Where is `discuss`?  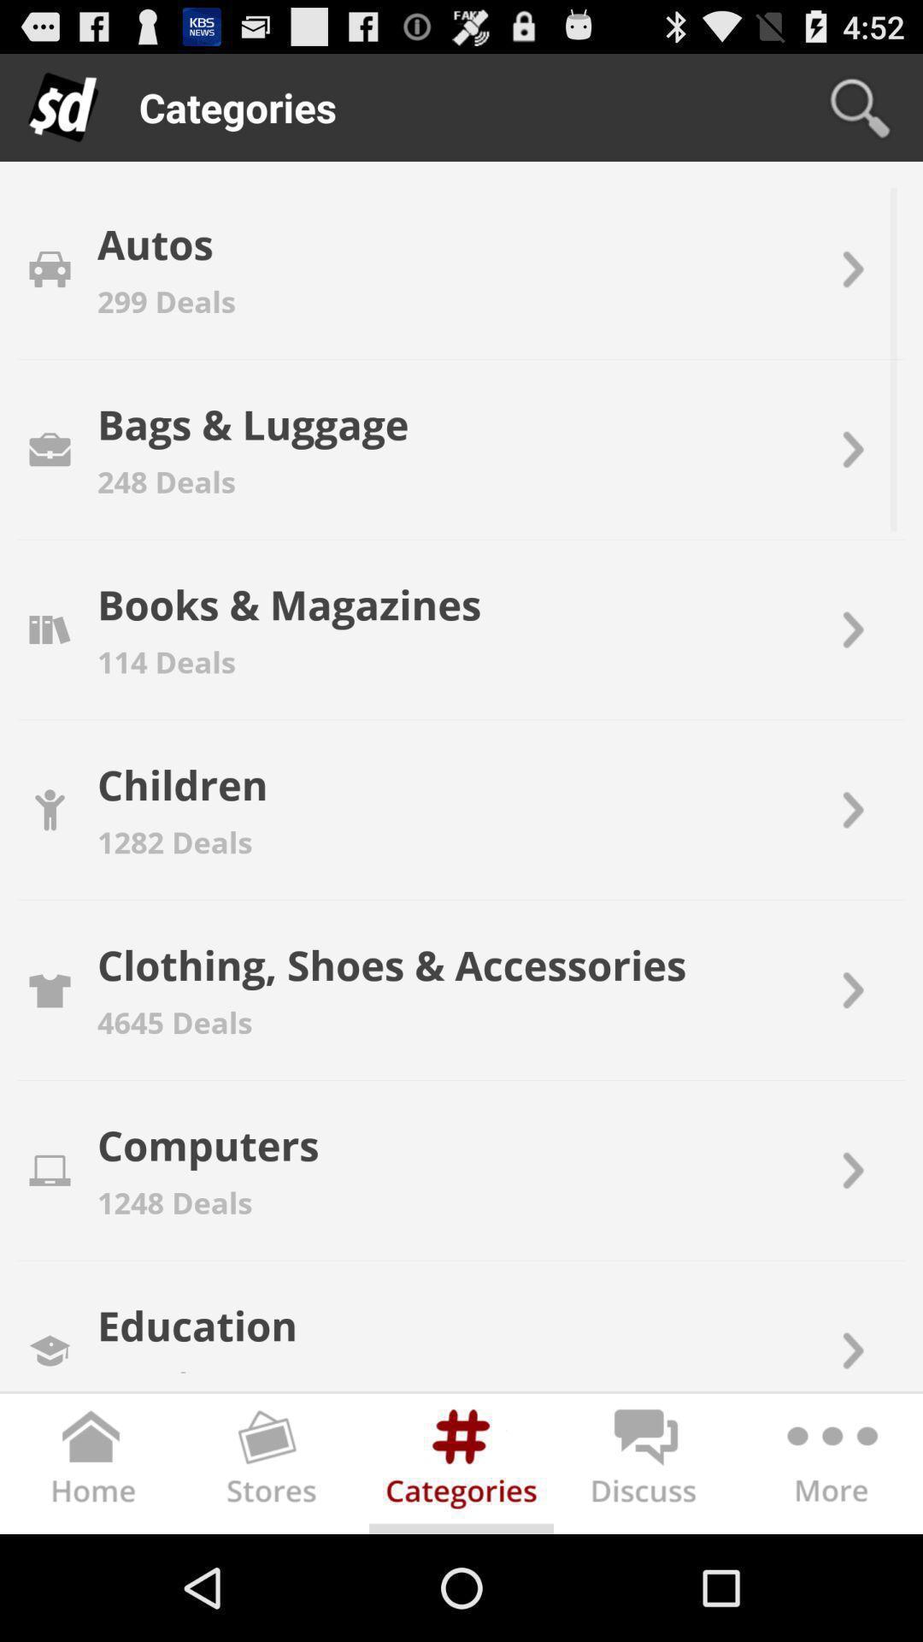
discuss is located at coordinates (646, 1467).